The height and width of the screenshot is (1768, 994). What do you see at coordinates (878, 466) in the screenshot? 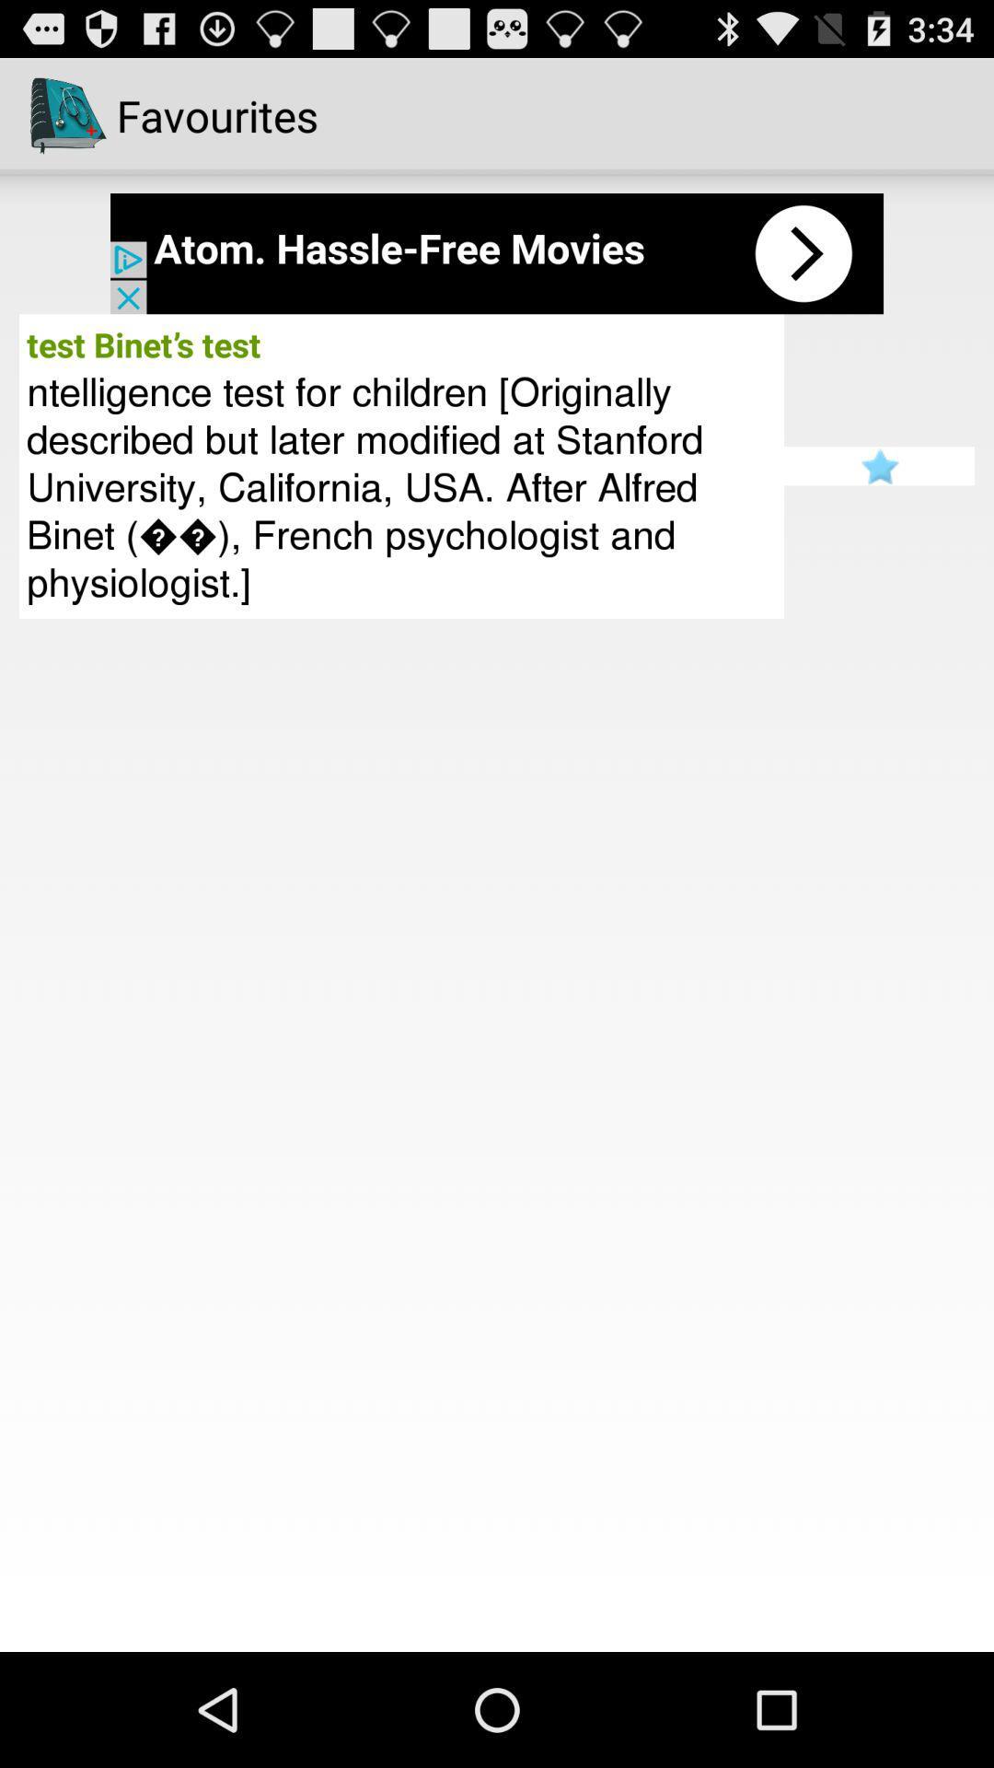
I see `favourite` at bounding box center [878, 466].